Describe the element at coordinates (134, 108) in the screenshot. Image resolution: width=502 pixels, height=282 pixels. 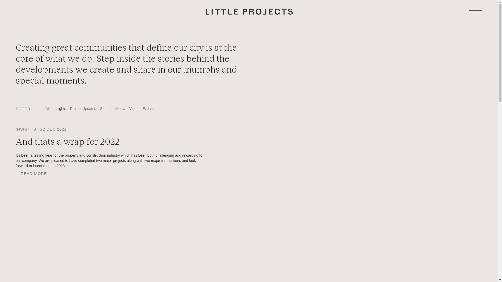
I see `'Video'` at that location.